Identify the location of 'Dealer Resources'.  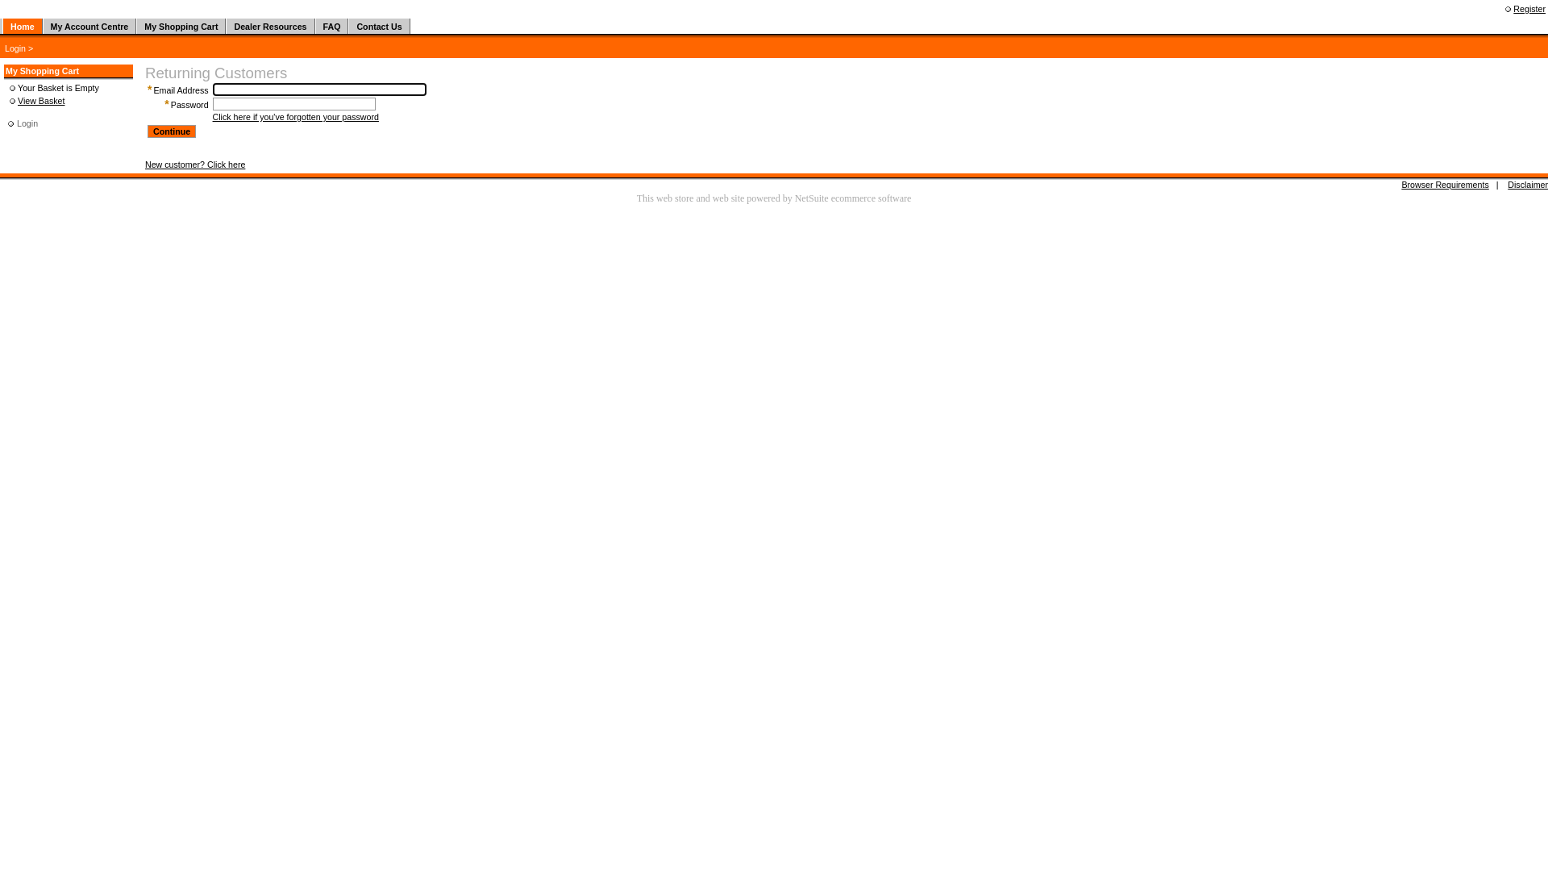
(270, 25).